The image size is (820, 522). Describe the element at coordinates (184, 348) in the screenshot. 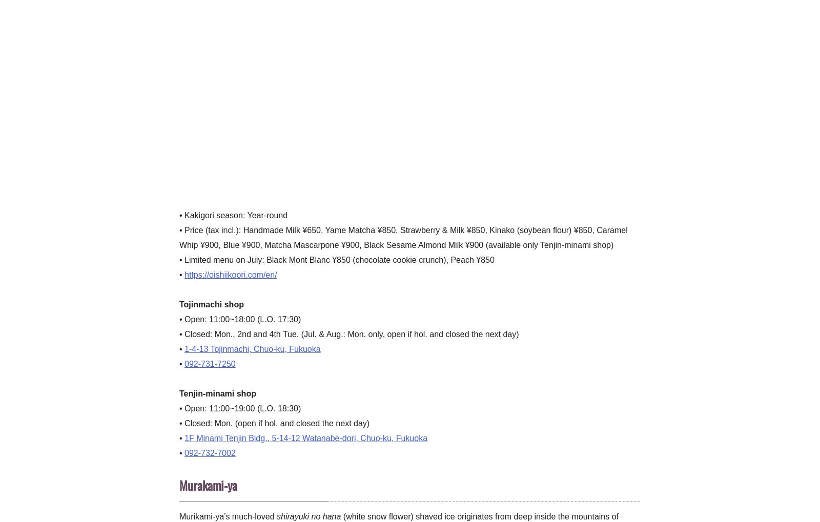

I see `'1-4-13 Tojinmachi, Chuo-ku, Fukuoka'` at that location.